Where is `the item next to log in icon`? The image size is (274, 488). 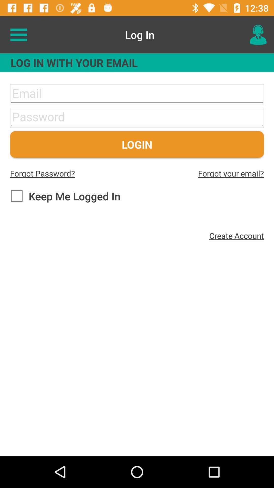
the item next to log in icon is located at coordinates (18, 34).